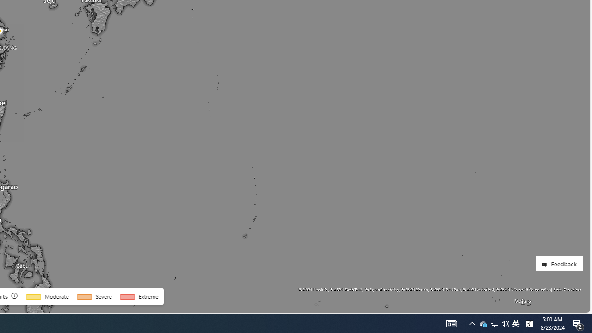 This screenshot has height=333, width=592. What do you see at coordinates (546, 265) in the screenshot?
I see `'Class: feedback_link_icon-DS-EntryPoint1-1'` at bounding box center [546, 265].